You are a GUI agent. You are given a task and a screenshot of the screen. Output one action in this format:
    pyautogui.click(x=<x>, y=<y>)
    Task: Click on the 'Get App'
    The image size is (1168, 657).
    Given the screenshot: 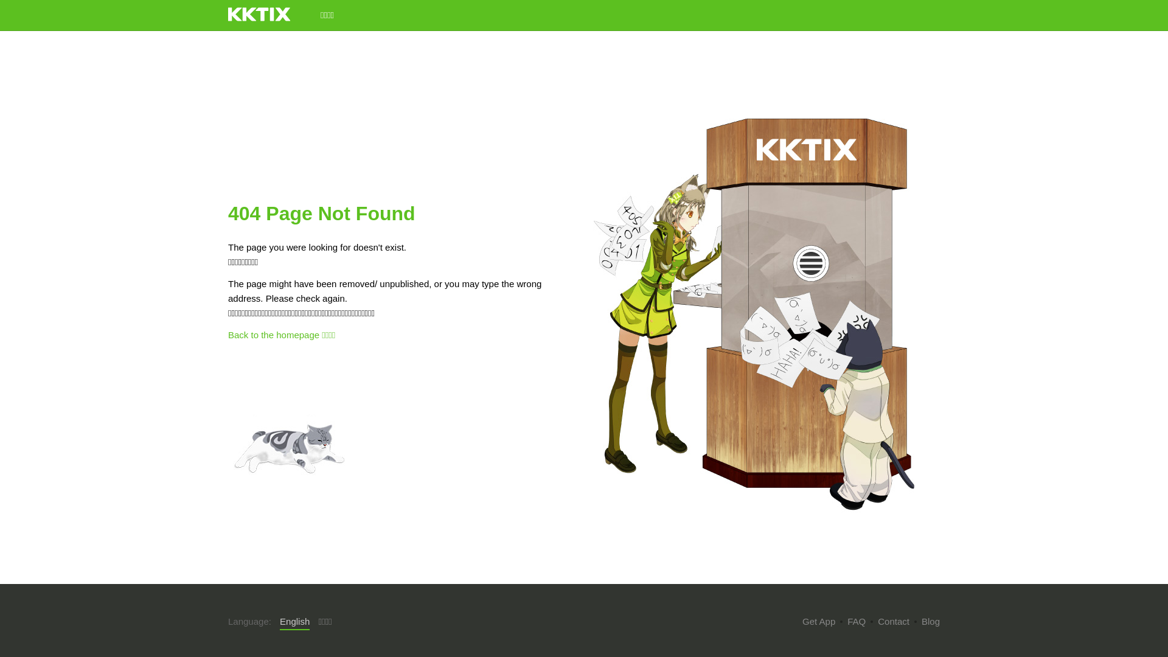 What is the action you would take?
    pyautogui.click(x=818, y=621)
    